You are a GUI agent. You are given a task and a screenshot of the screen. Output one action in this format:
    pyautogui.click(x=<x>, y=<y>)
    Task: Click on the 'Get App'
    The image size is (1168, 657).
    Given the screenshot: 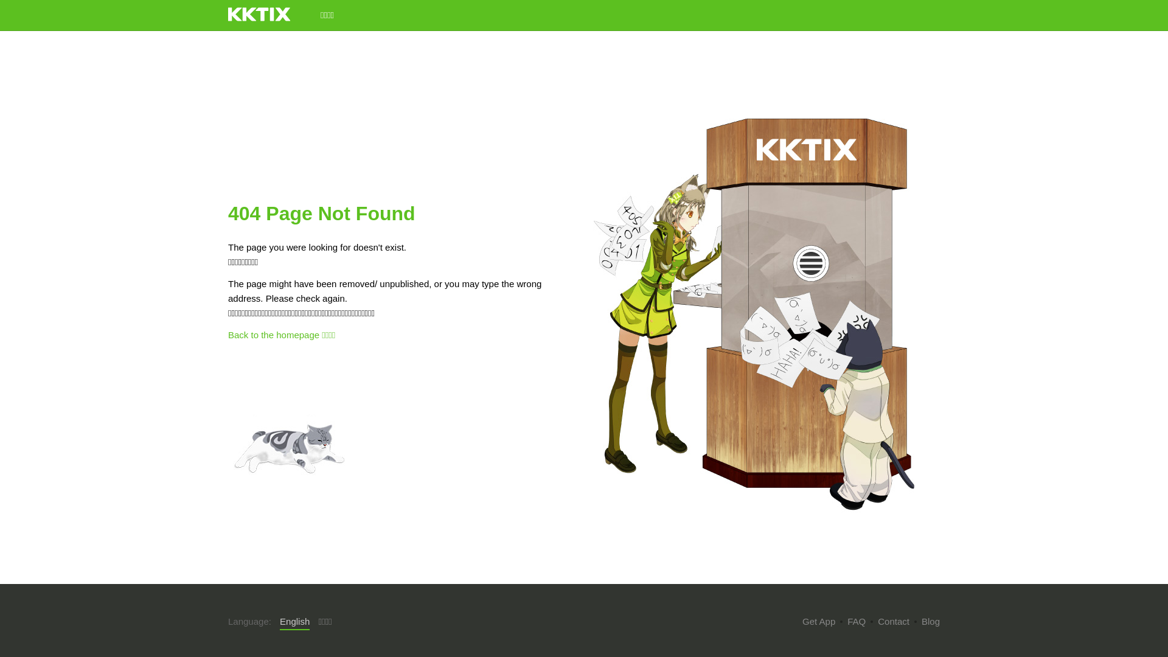 What is the action you would take?
    pyautogui.click(x=818, y=621)
    